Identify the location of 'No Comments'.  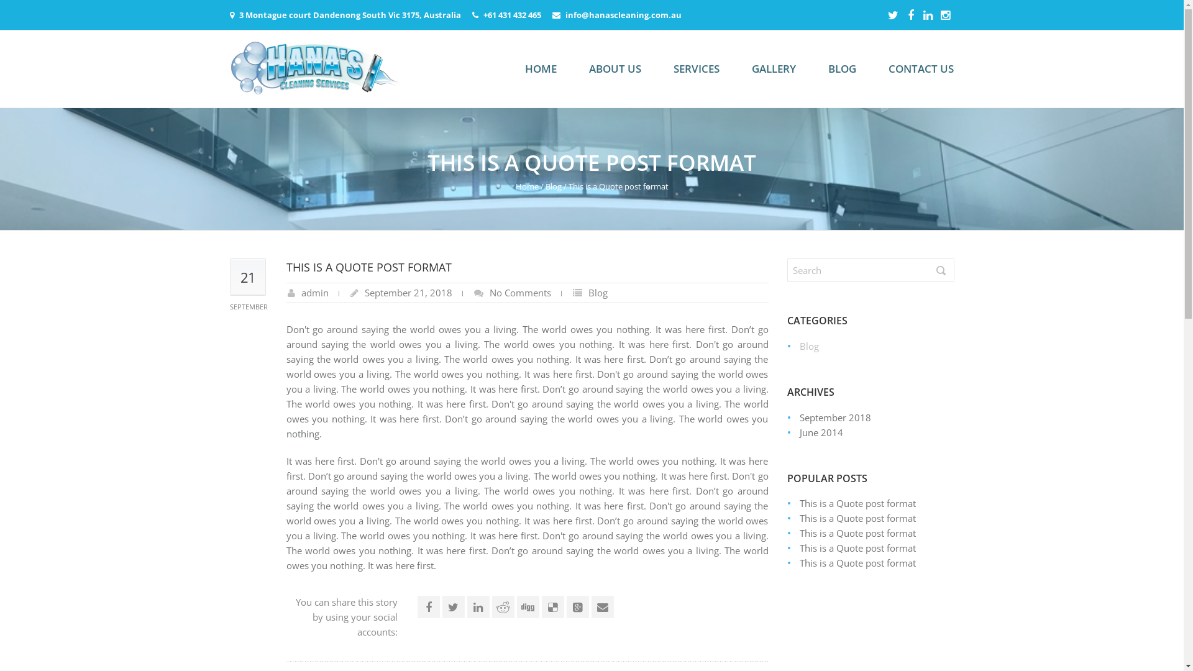
(488, 292).